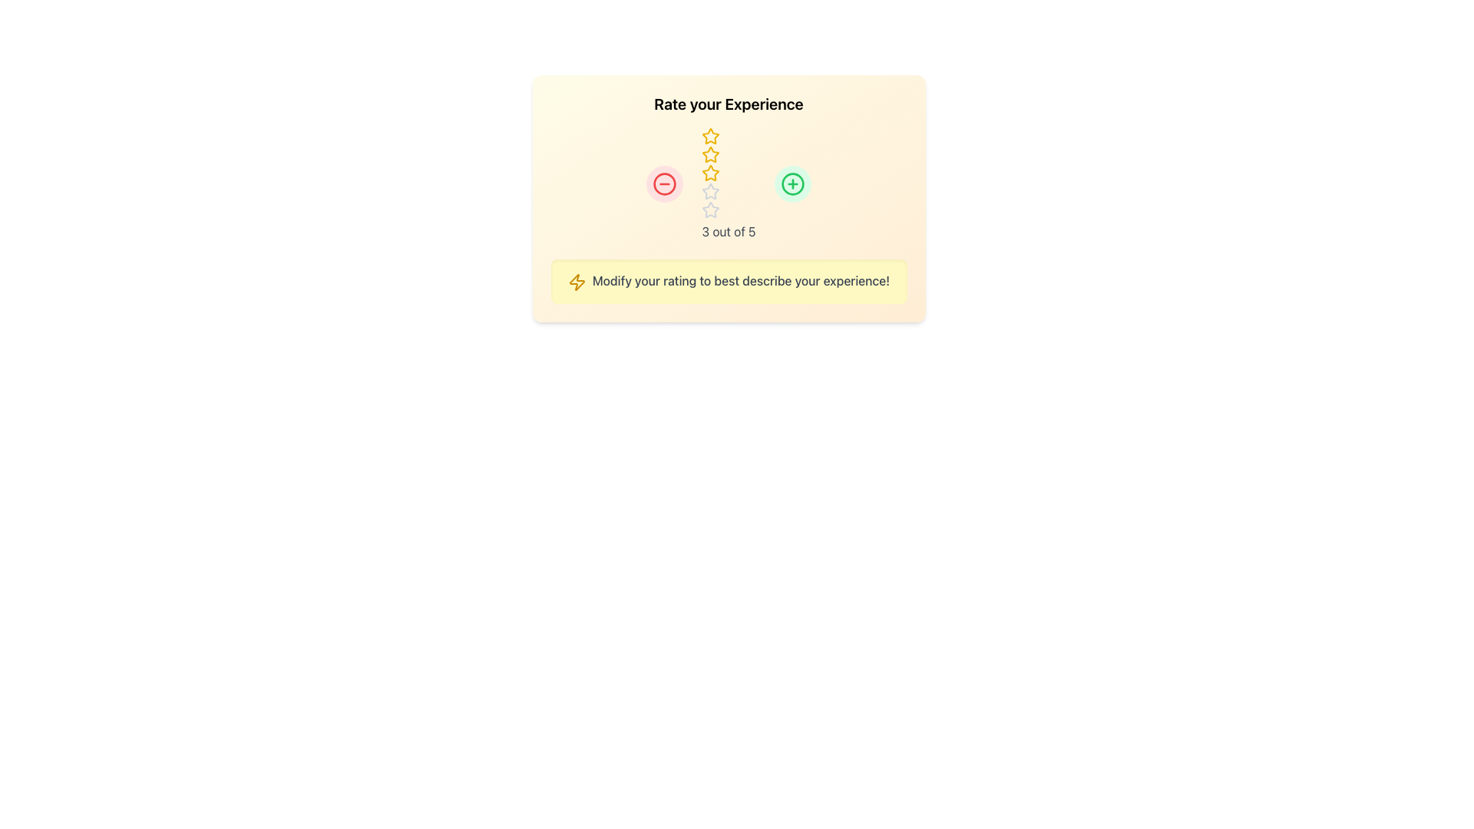 The height and width of the screenshot is (829, 1474). I want to click on the third star in the horizontal row of five stars, so click(710, 173).